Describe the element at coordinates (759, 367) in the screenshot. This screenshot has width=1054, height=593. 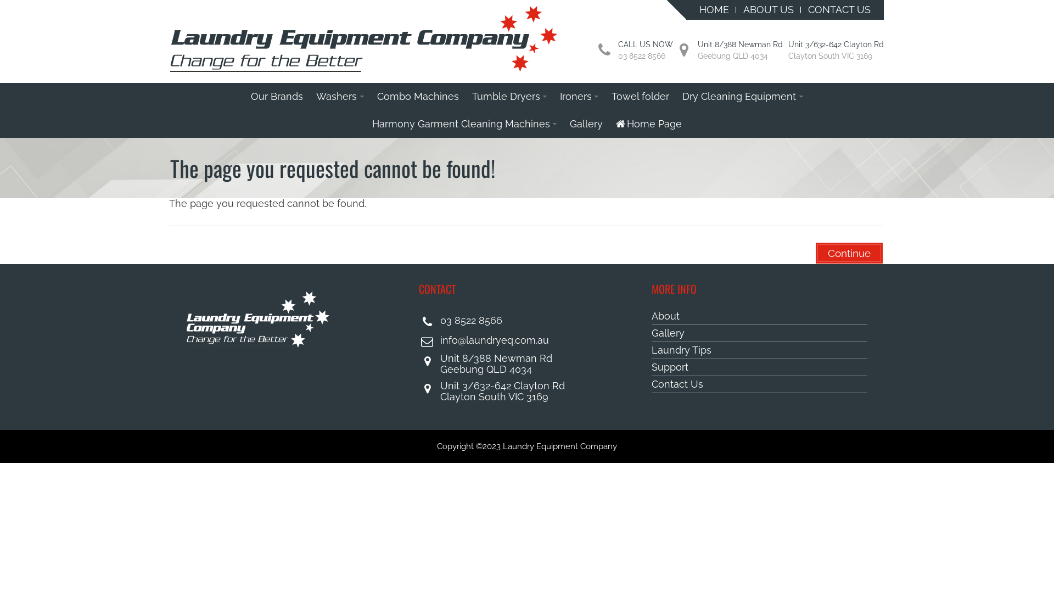
I see `'Support'` at that location.